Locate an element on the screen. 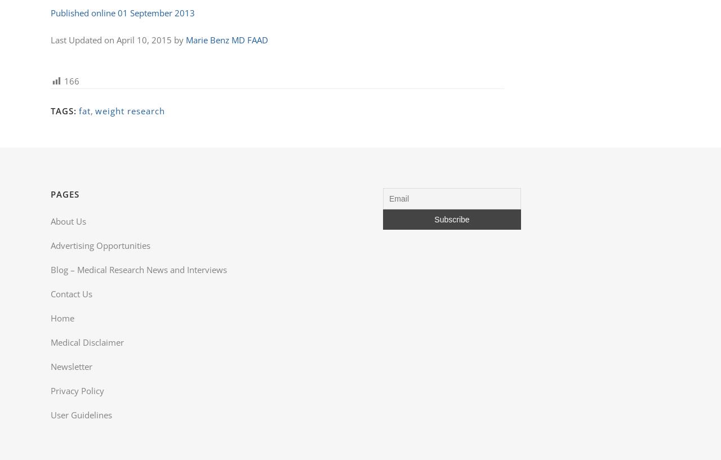  'Medical Disclaimer' is located at coordinates (50, 342).